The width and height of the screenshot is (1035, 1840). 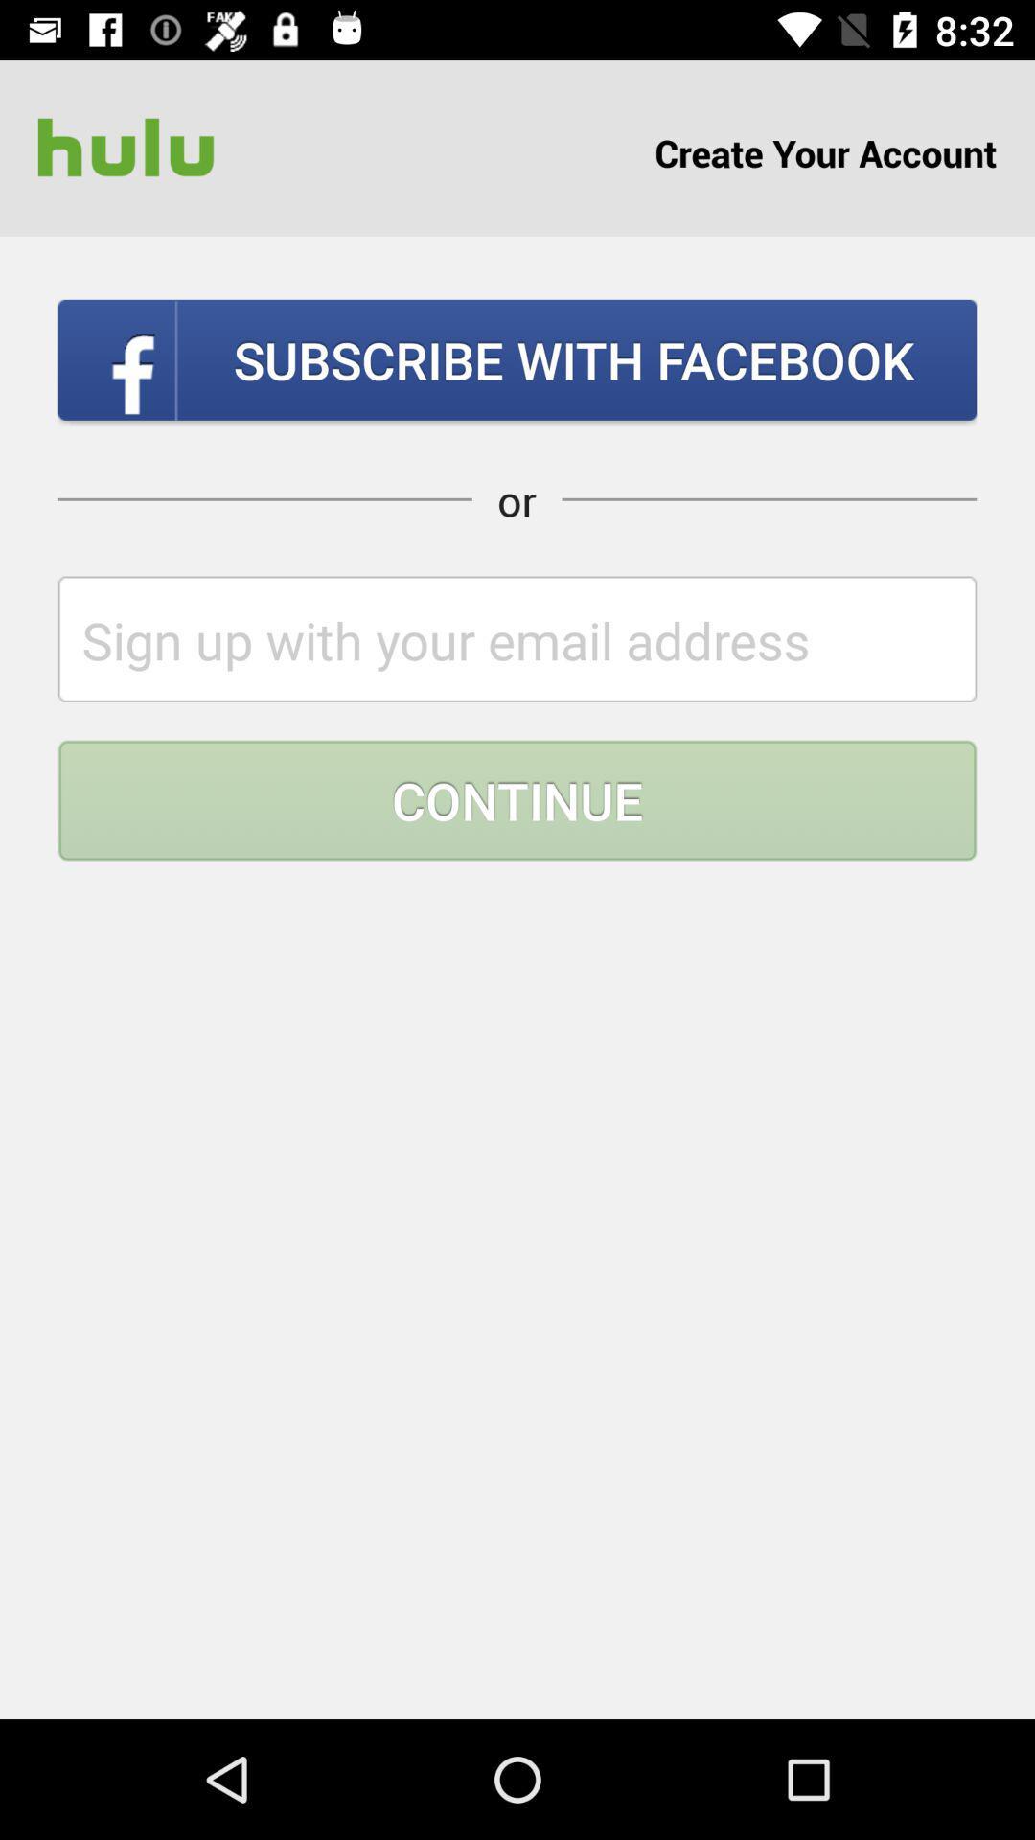 What do you see at coordinates (517, 639) in the screenshot?
I see `type email address` at bounding box center [517, 639].